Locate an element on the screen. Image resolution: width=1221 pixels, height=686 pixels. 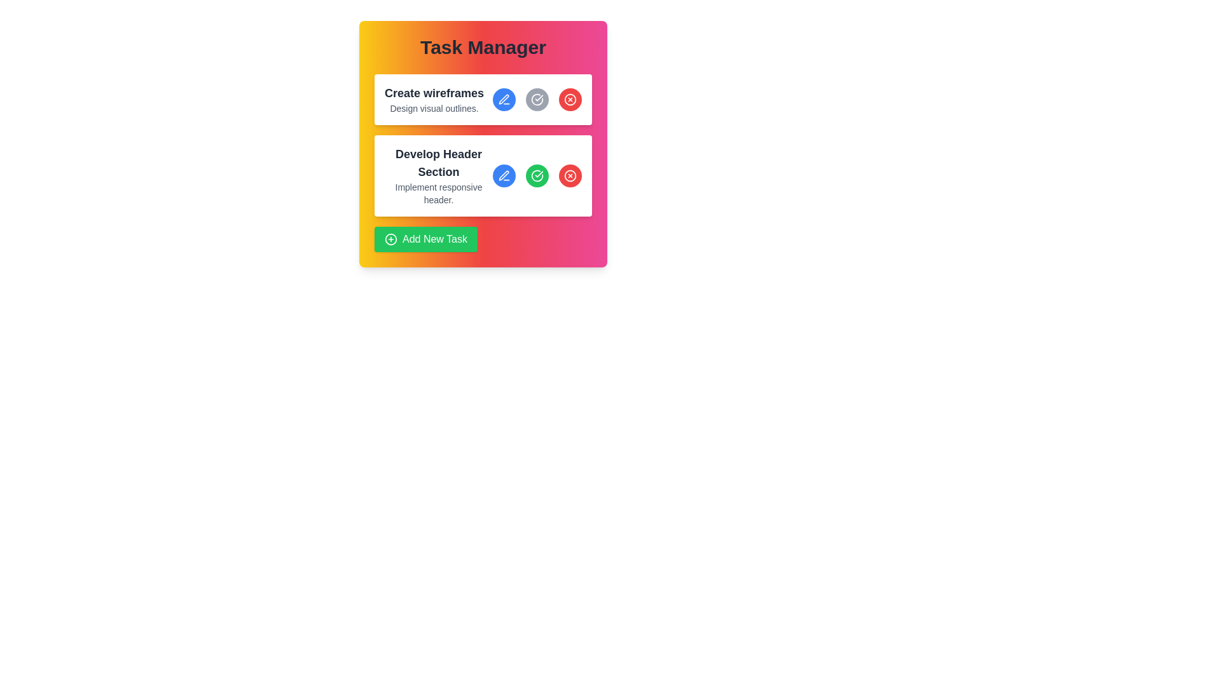
the middle circular action button located to the right of the task titled 'Create wireframes' and 'Design visual outlines' is located at coordinates (537, 99).